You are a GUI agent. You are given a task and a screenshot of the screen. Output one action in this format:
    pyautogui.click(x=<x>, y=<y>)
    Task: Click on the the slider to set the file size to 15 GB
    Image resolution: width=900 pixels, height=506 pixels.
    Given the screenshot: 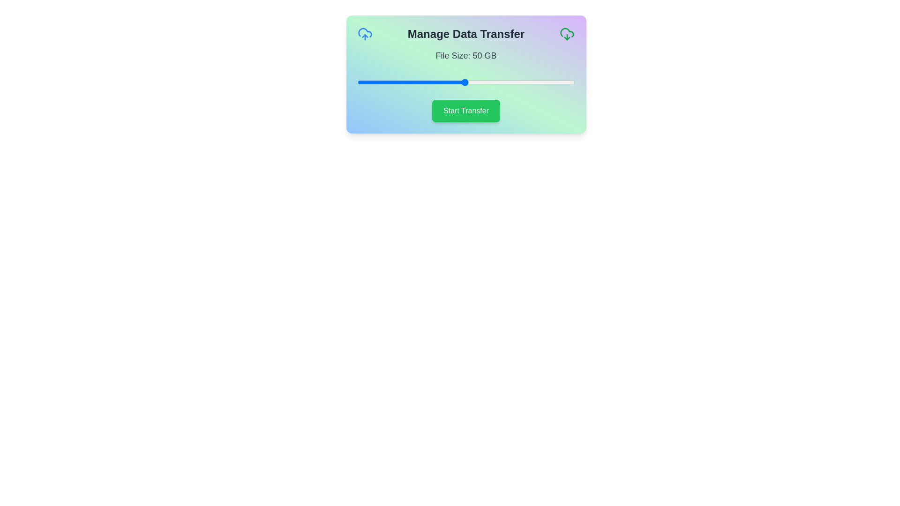 What is the action you would take?
    pyautogui.click(x=388, y=82)
    